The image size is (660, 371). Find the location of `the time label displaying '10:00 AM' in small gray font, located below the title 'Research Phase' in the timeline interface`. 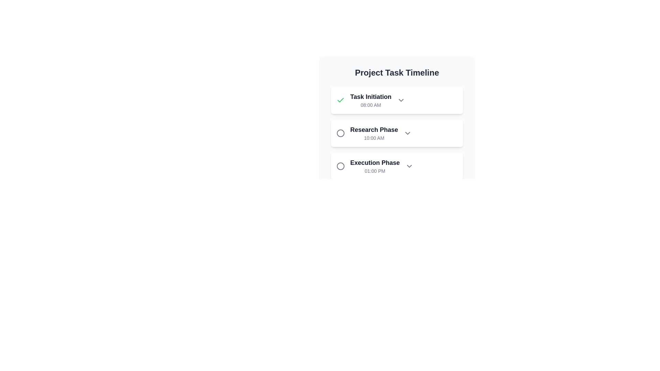

the time label displaying '10:00 AM' in small gray font, located below the title 'Research Phase' in the timeline interface is located at coordinates (374, 138).